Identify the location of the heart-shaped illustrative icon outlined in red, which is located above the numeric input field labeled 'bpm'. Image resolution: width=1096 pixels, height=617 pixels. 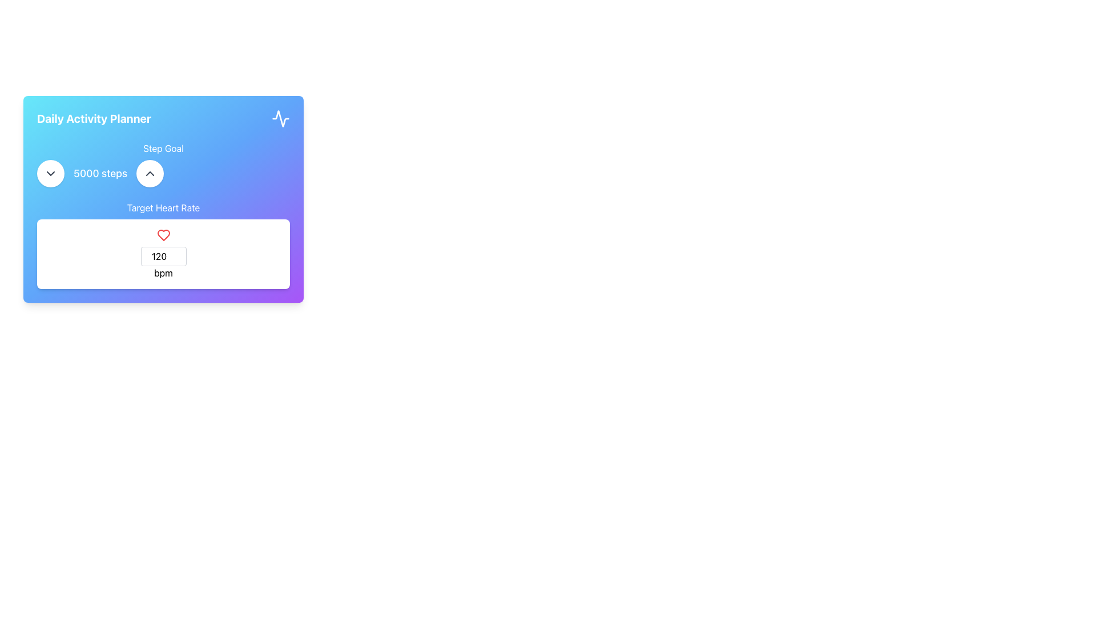
(163, 235).